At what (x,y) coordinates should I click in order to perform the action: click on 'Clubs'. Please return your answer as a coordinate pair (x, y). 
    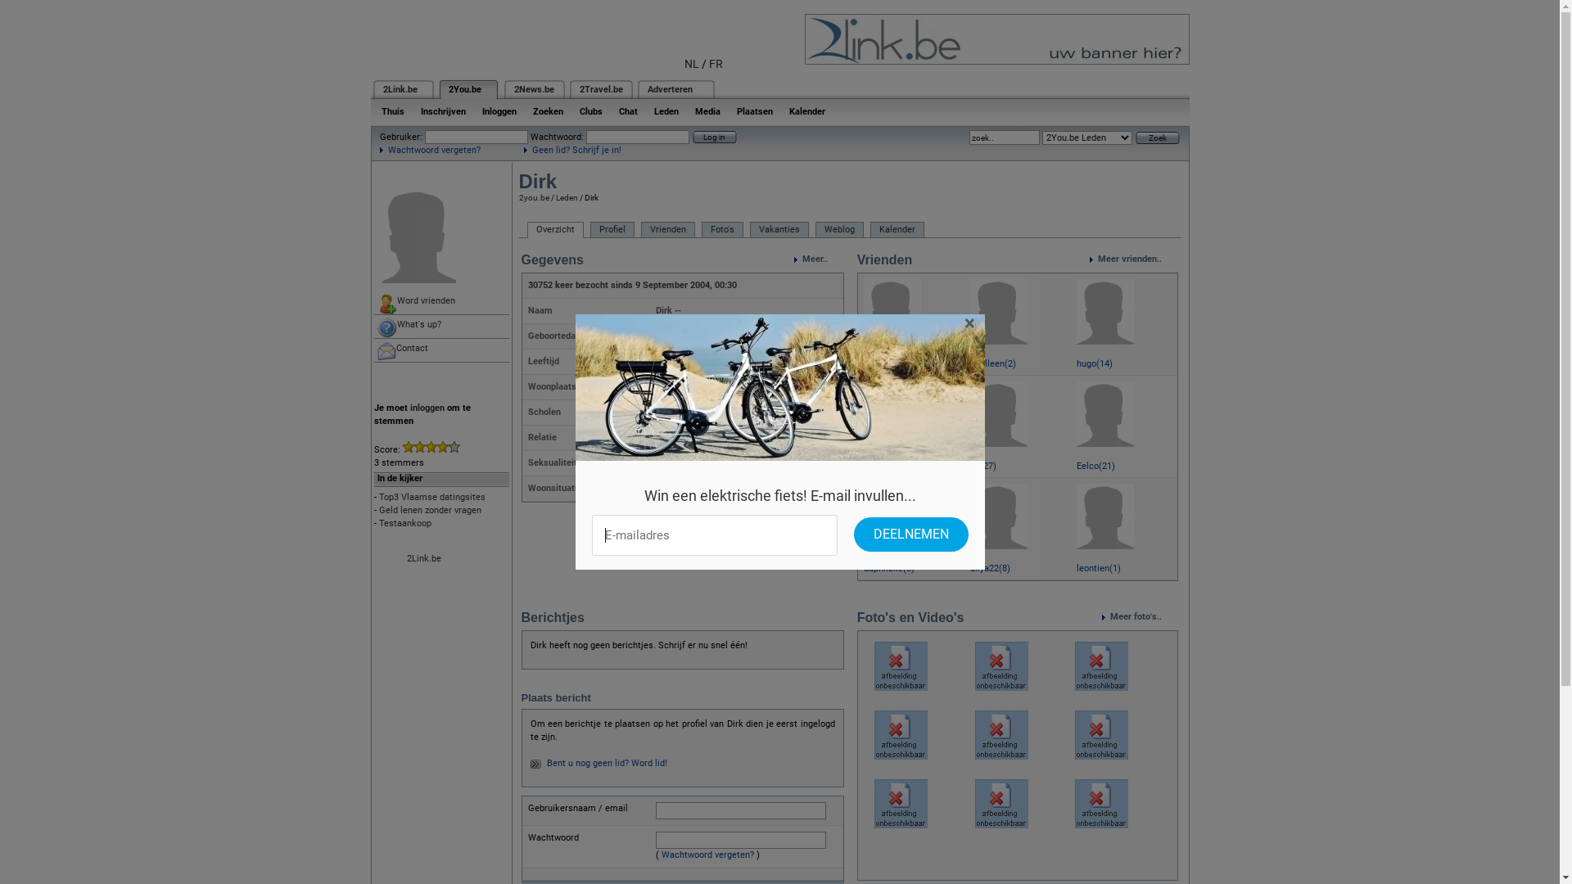
    Looking at the image, I should click on (589, 110).